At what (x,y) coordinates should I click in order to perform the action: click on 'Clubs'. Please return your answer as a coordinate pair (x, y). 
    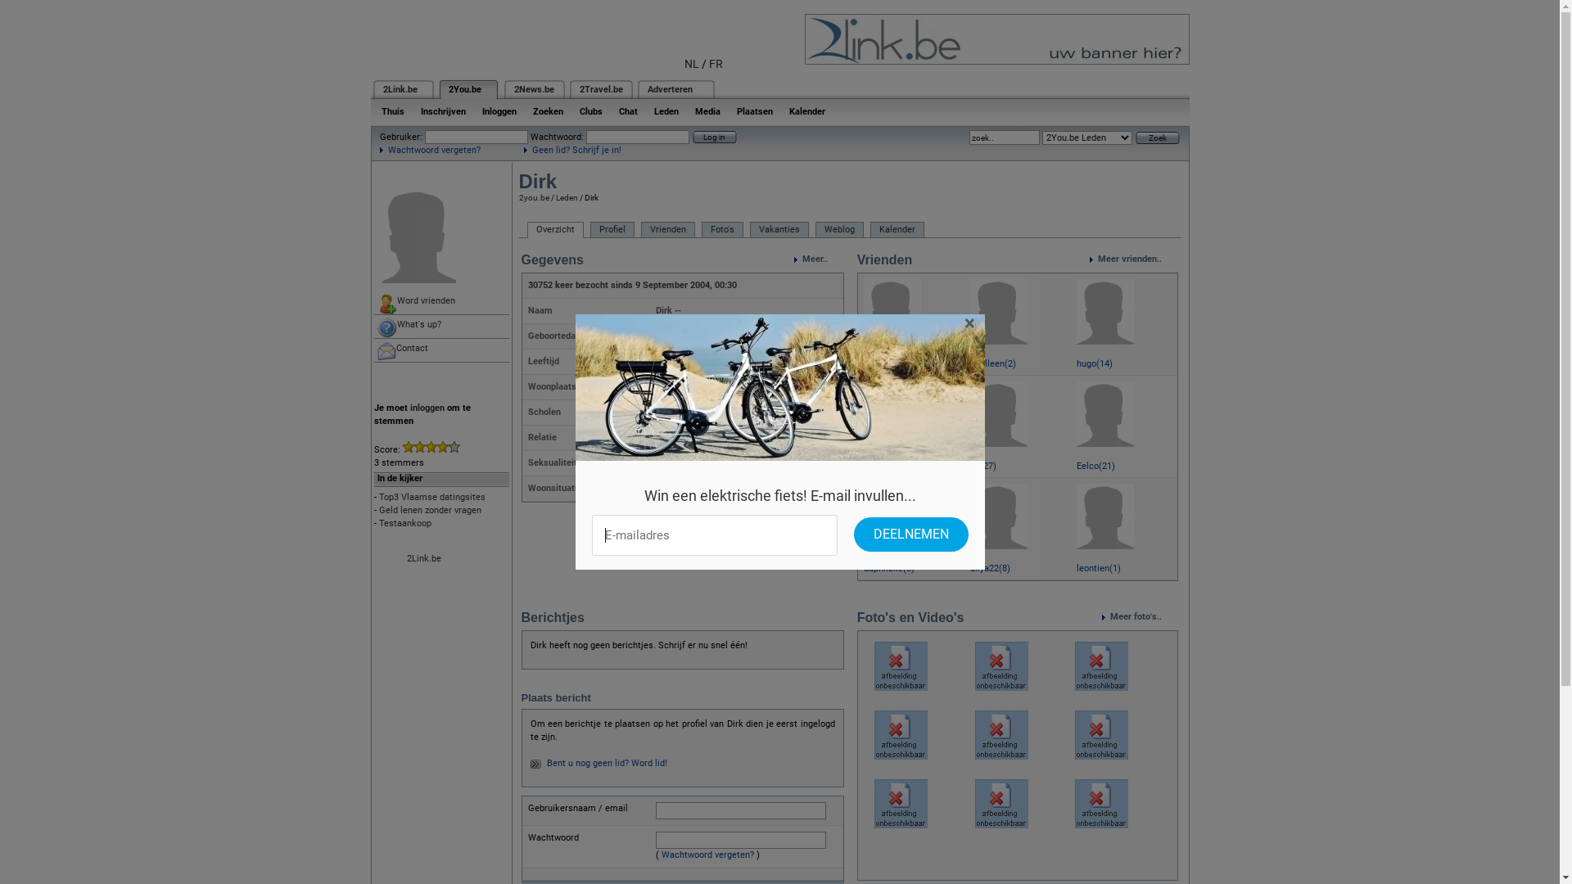
    Looking at the image, I should click on (589, 110).